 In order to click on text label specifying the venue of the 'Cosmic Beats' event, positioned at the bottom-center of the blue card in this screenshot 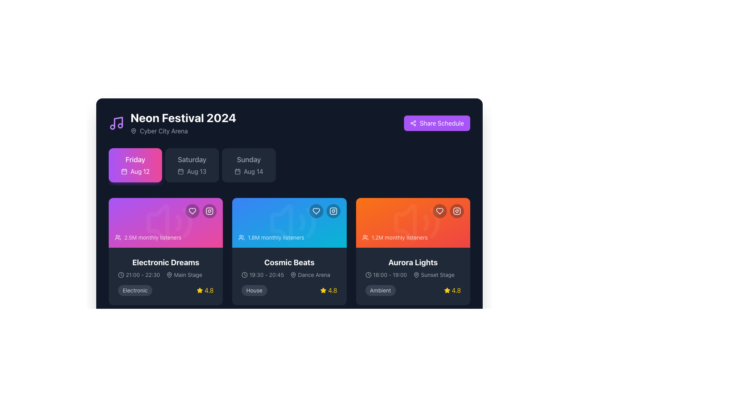, I will do `click(314, 274)`.